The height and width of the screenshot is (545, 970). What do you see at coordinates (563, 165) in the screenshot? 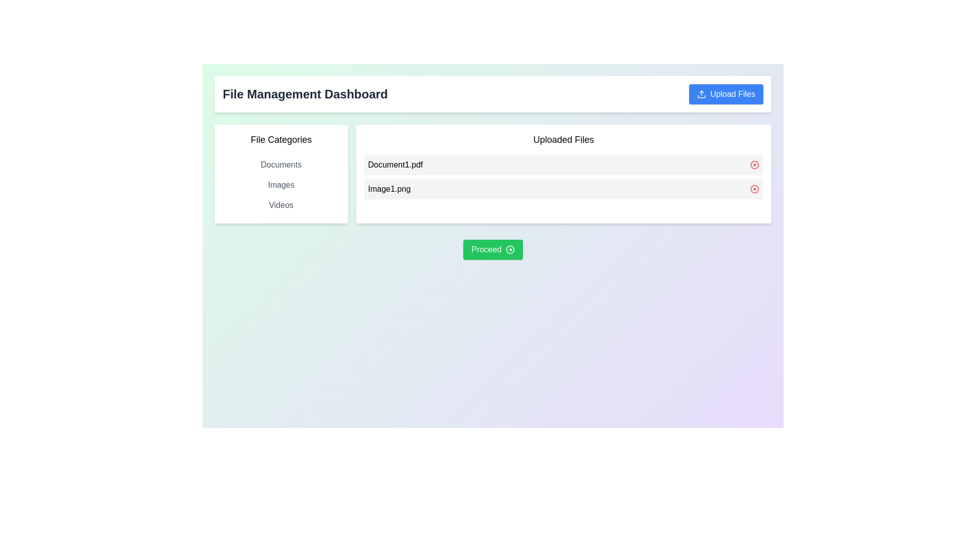
I see `file name 'Document1.pdf' from the first item in the Uploaded Files section of the file list` at bounding box center [563, 165].